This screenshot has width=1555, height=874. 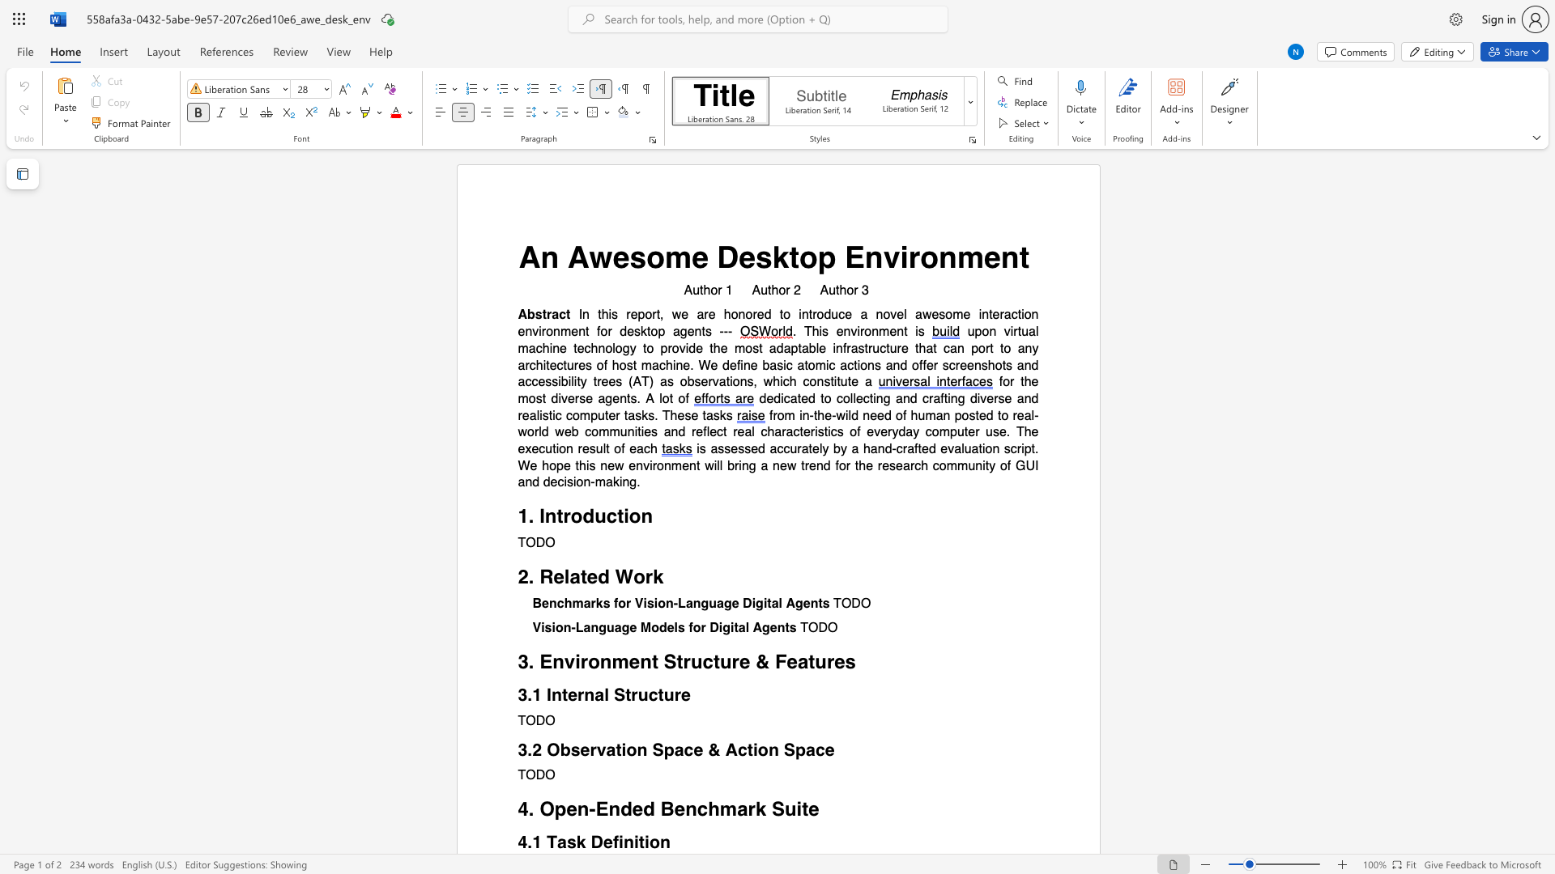 What do you see at coordinates (674, 809) in the screenshot?
I see `the subset text "ench" within the text "4. Open-Ended Benchmark Suite"` at bounding box center [674, 809].